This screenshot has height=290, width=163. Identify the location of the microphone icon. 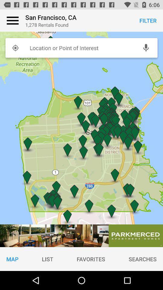
(145, 47).